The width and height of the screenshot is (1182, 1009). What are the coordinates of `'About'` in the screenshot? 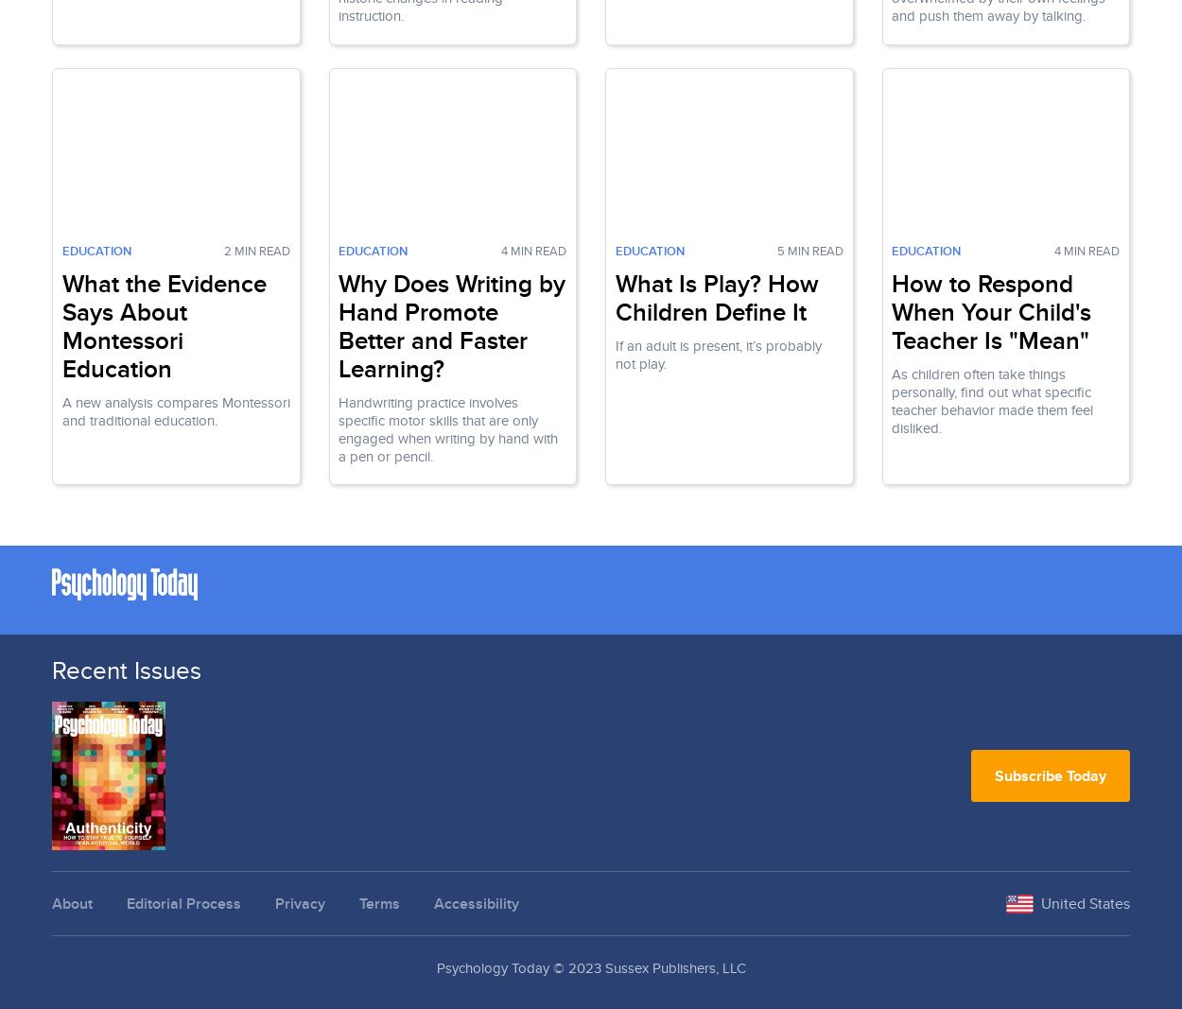 It's located at (52, 903).